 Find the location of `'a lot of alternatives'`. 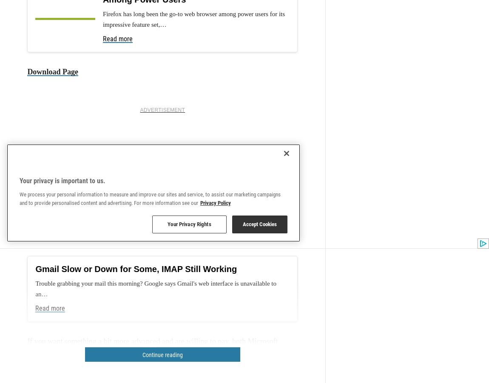

'a lot of alternatives' is located at coordinates (158, 279).